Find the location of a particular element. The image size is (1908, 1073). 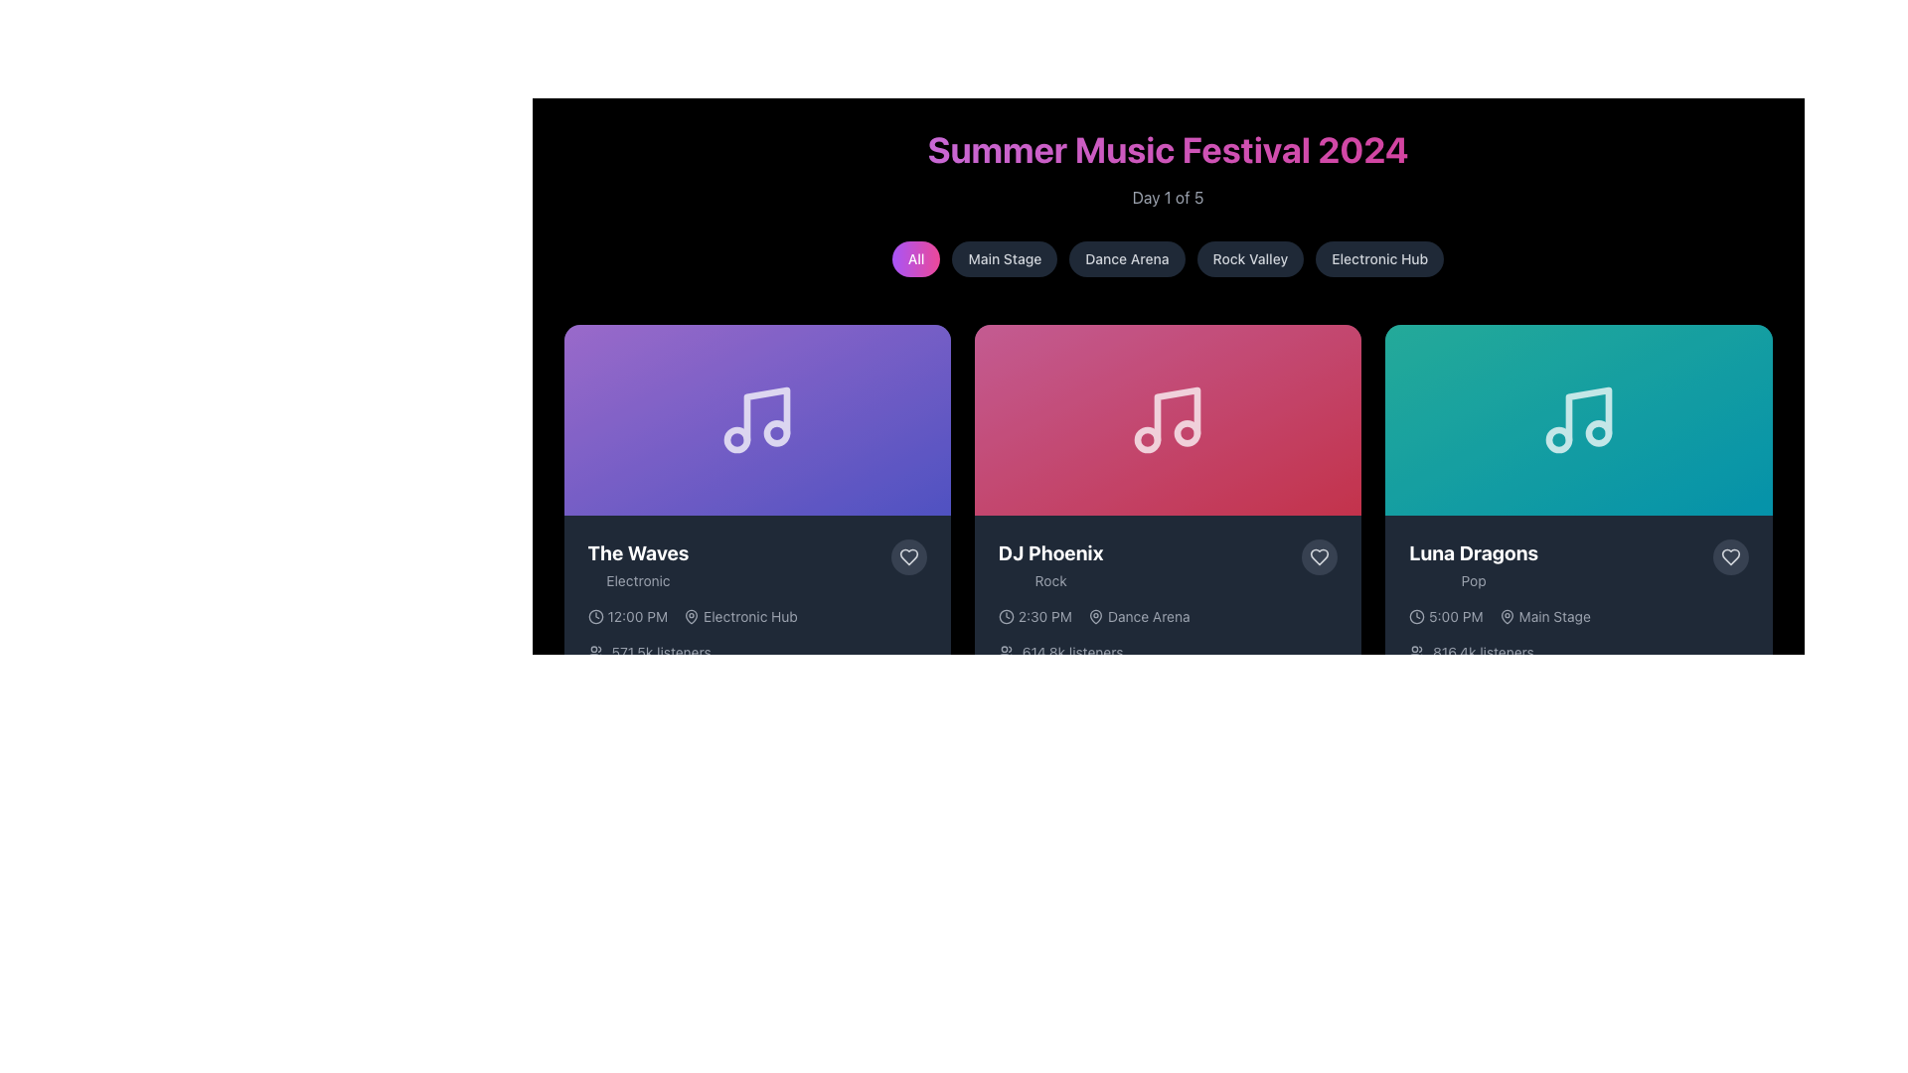

the label with the text 'Electronic Hub' and a map pin icon, located to the right of '12:00 PM' in the lower panel of 'The Waves' event card is located at coordinates (739, 616).